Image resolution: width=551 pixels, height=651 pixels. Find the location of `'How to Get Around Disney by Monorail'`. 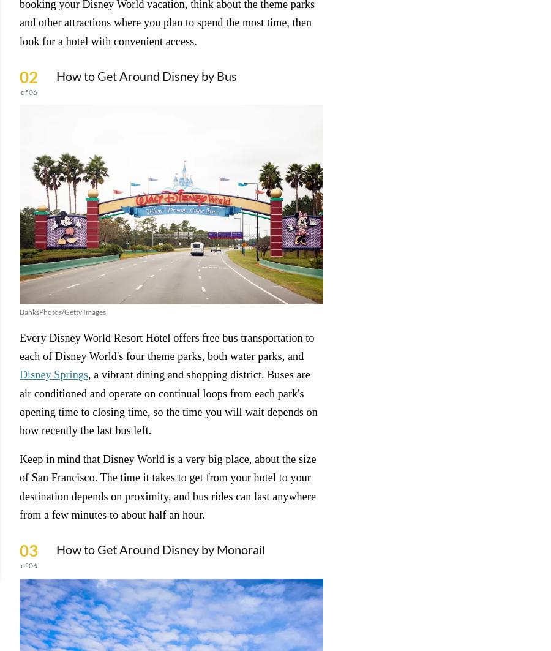

'How to Get Around Disney by Monorail' is located at coordinates (160, 548).